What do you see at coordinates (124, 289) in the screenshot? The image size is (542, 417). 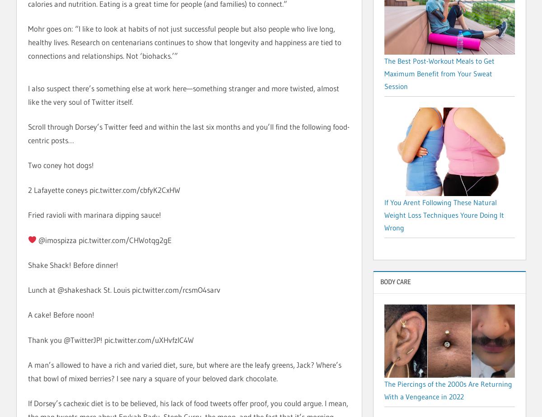 I see `'Lunch at @shakeshack St. Louis pic.twitter.com/rcsmO4sarv'` at bounding box center [124, 289].